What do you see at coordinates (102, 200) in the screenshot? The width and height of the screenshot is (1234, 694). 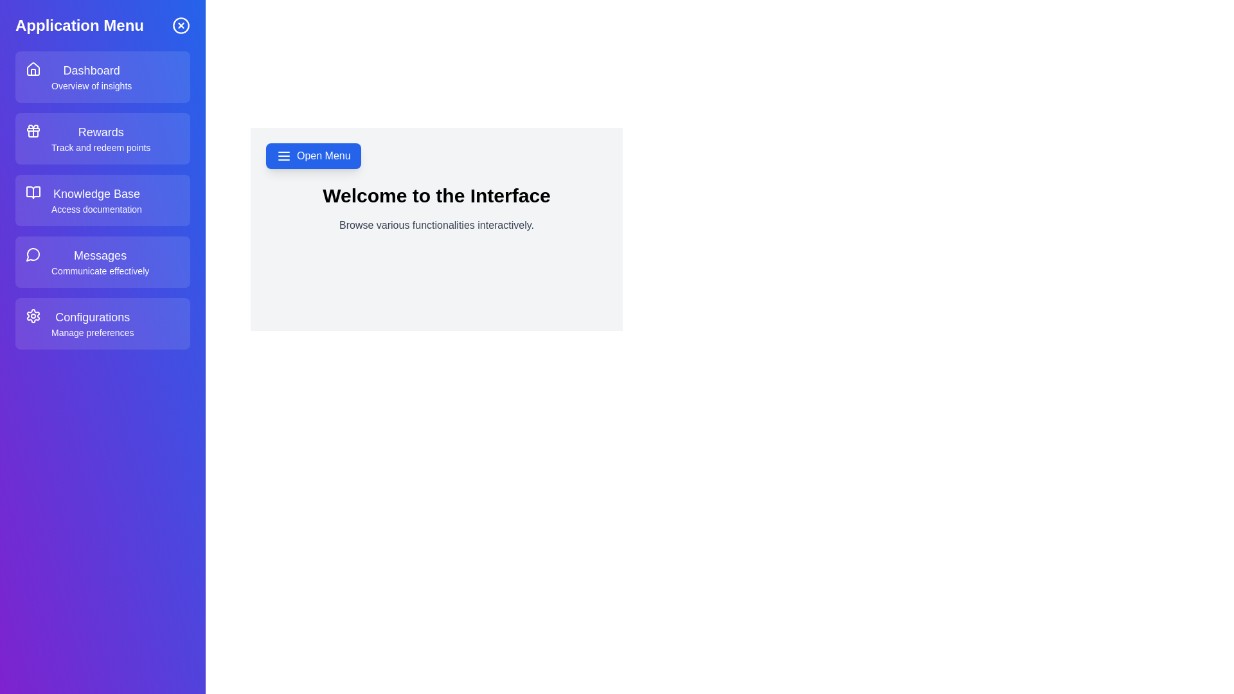 I see `the menu item labeled Knowledge Base` at bounding box center [102, 200].